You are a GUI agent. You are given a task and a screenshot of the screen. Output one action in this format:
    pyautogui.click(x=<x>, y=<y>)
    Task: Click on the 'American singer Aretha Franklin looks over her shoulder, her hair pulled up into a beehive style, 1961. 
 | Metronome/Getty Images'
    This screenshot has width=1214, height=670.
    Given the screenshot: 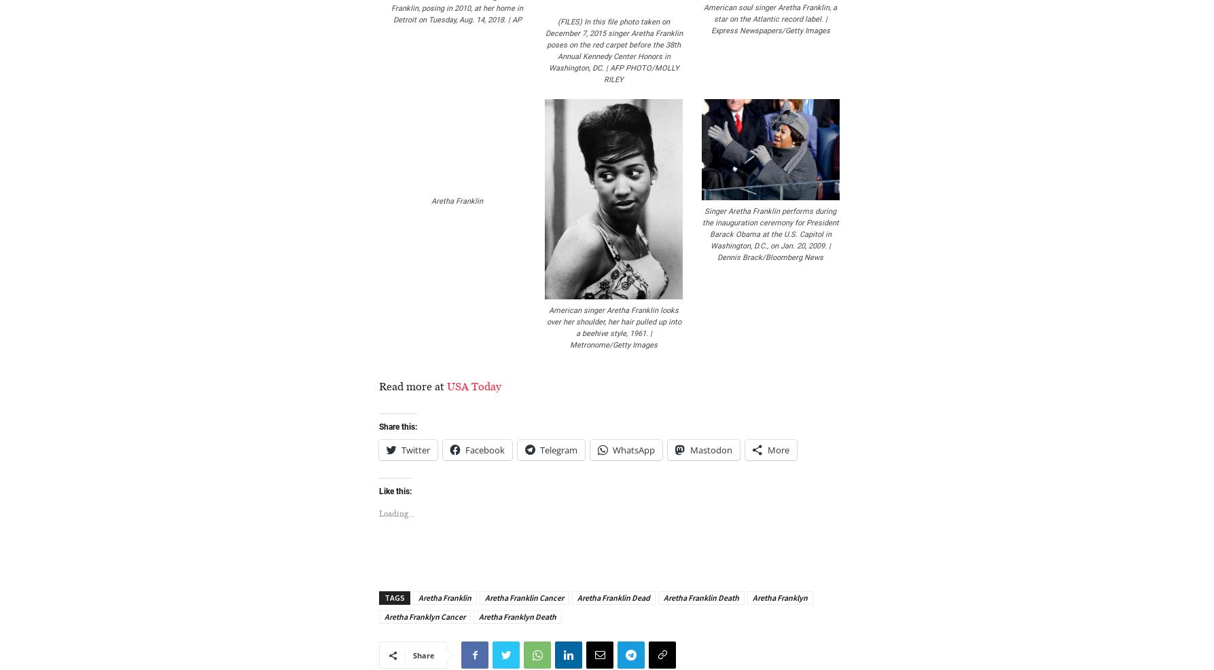 What is the action you would take?
    pyautogui.click(x=546, y=326)
    